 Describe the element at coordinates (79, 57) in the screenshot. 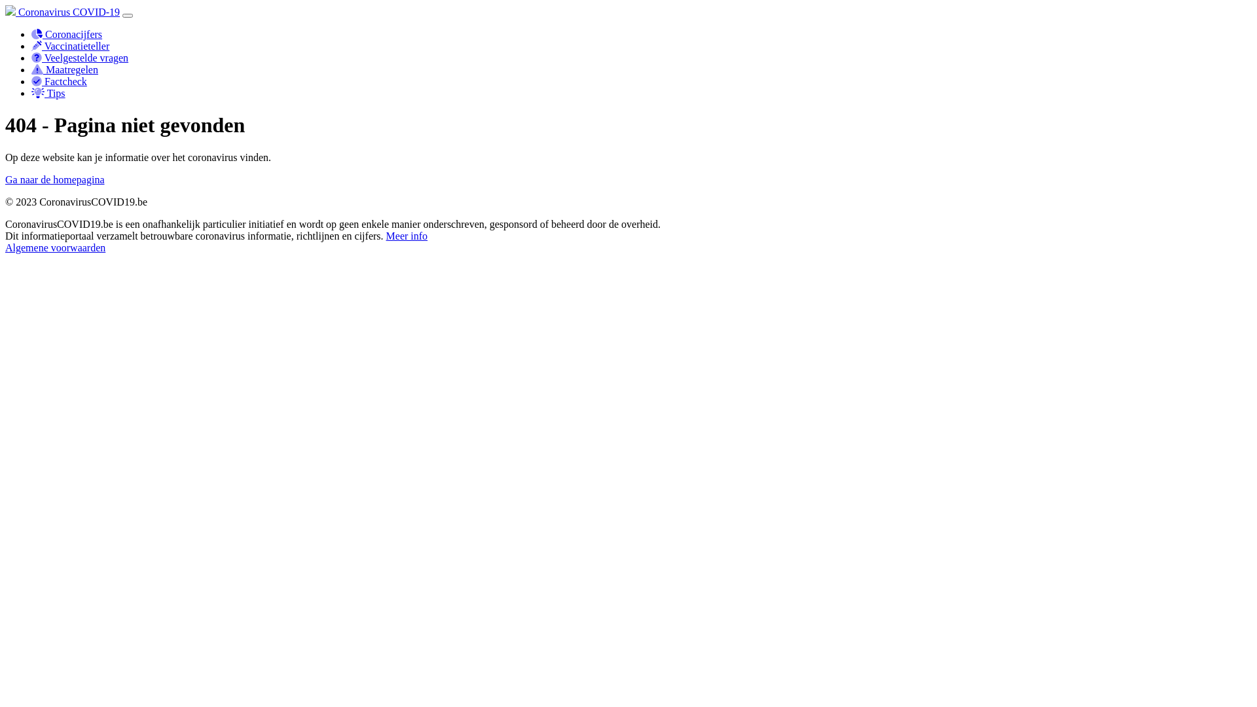

I see `'Veelgestelde vragen'` at that location.